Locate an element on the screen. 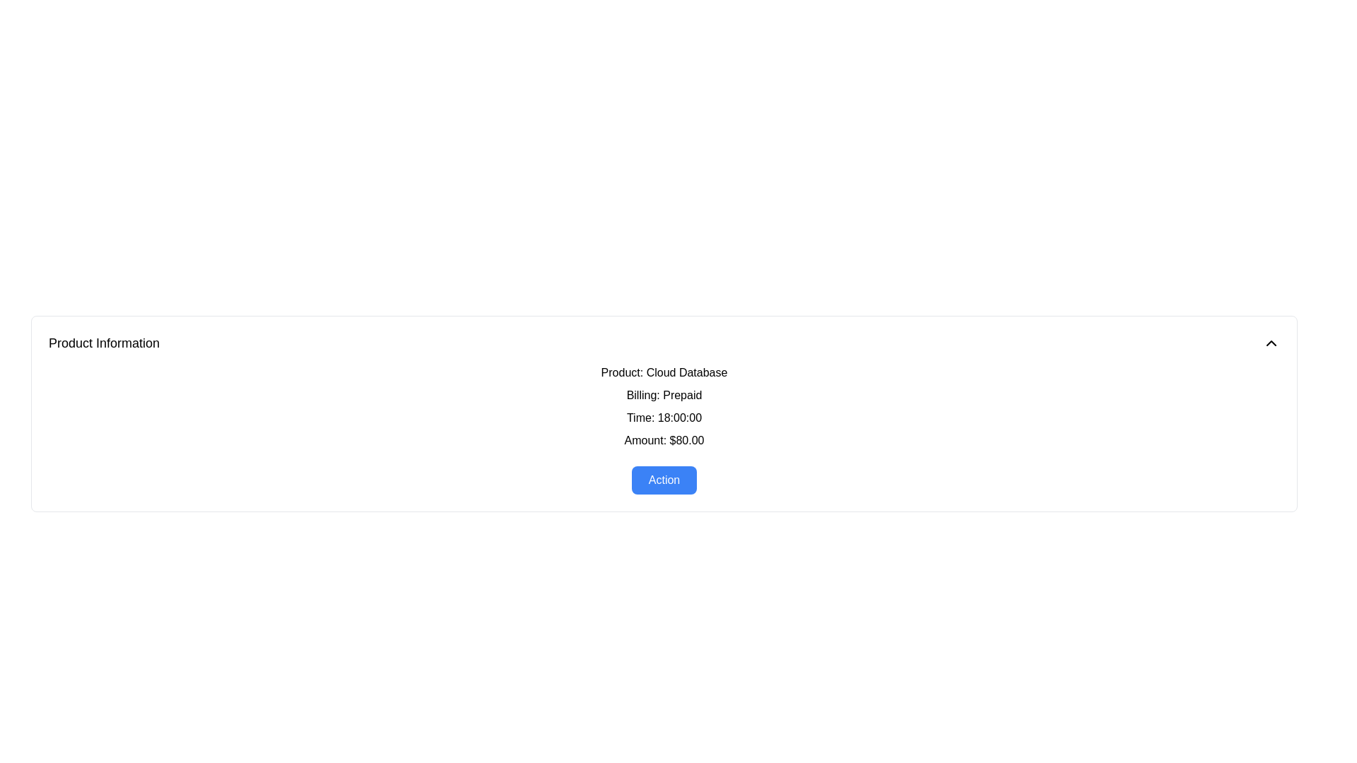 Image resolution: width=1357 pixels, height=763 pixels. the informational text element displaying the amount value ('$80.00'), which is the fourth line in the product details block, positioned before the 'Action' button is located at coordinates (664, 440).